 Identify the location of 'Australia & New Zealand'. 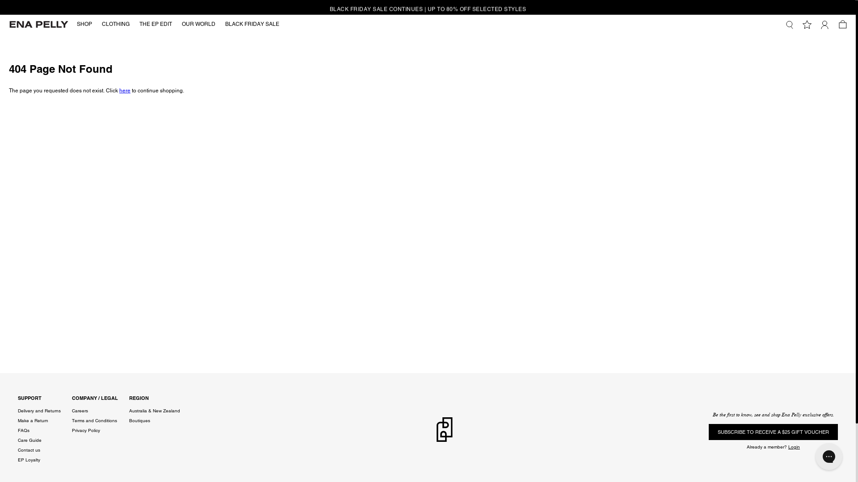
(154, 411).